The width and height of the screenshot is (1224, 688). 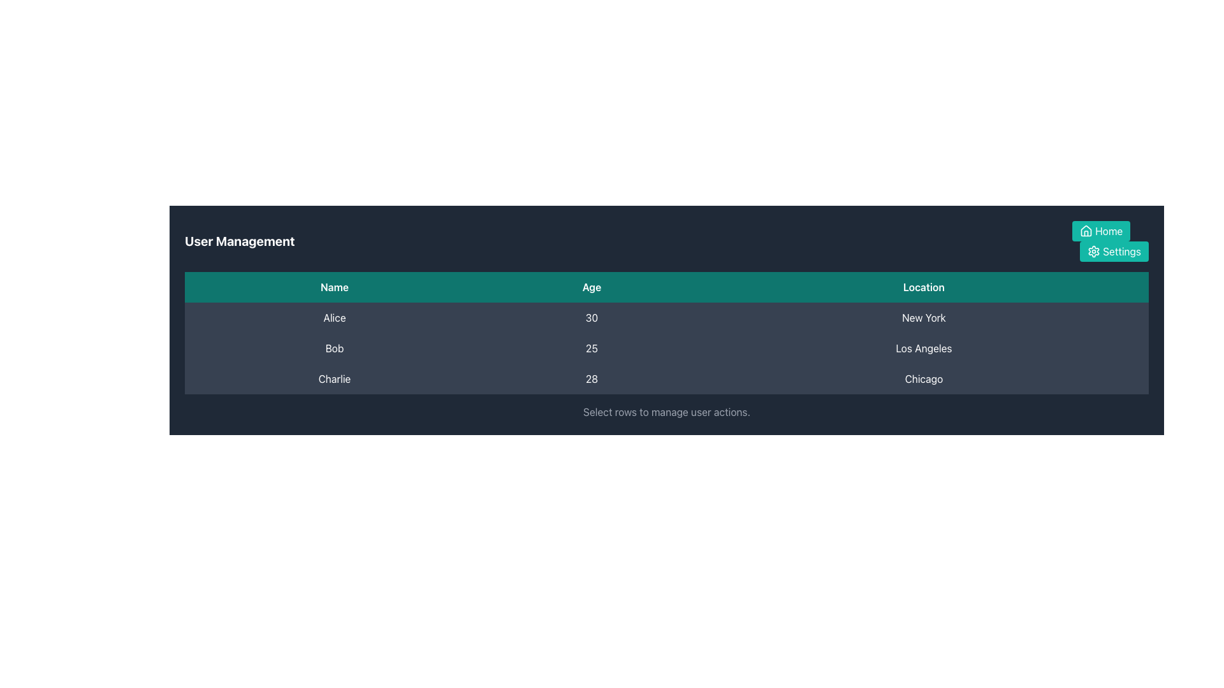 What do you see at coordinates (1113, 251) in the screenshot?
I see `the settings button located at the top-right corner of the interface to access its functionalities` at bounding box center [1113, 251].